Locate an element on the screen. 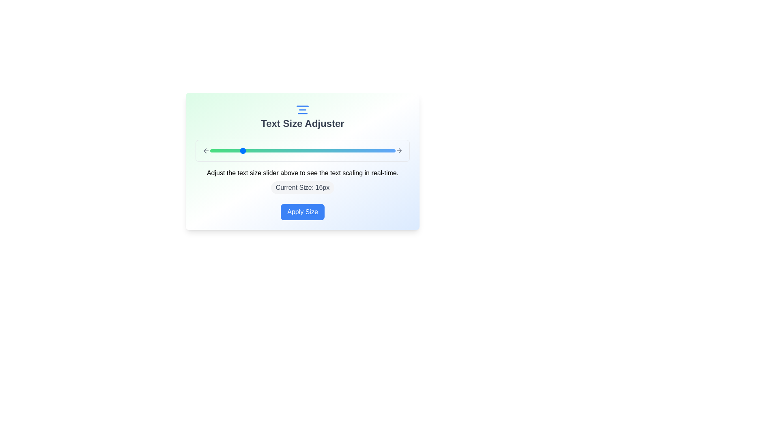  the text size slider to set the text size to 16px is located at coordinates (240, 150).